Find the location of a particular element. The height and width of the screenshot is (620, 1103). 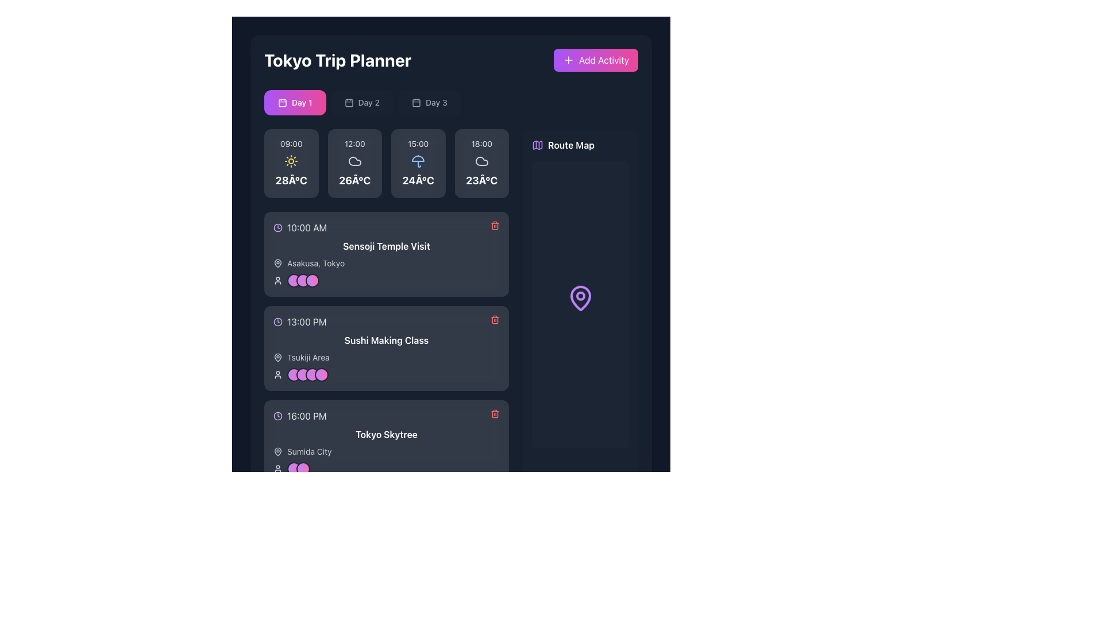

the text label displaying '10:00 AM' in light gray font, located next to the purple clock icon within the 'Sensoji Temple Visit' panel is located at coordinates (307, 228).